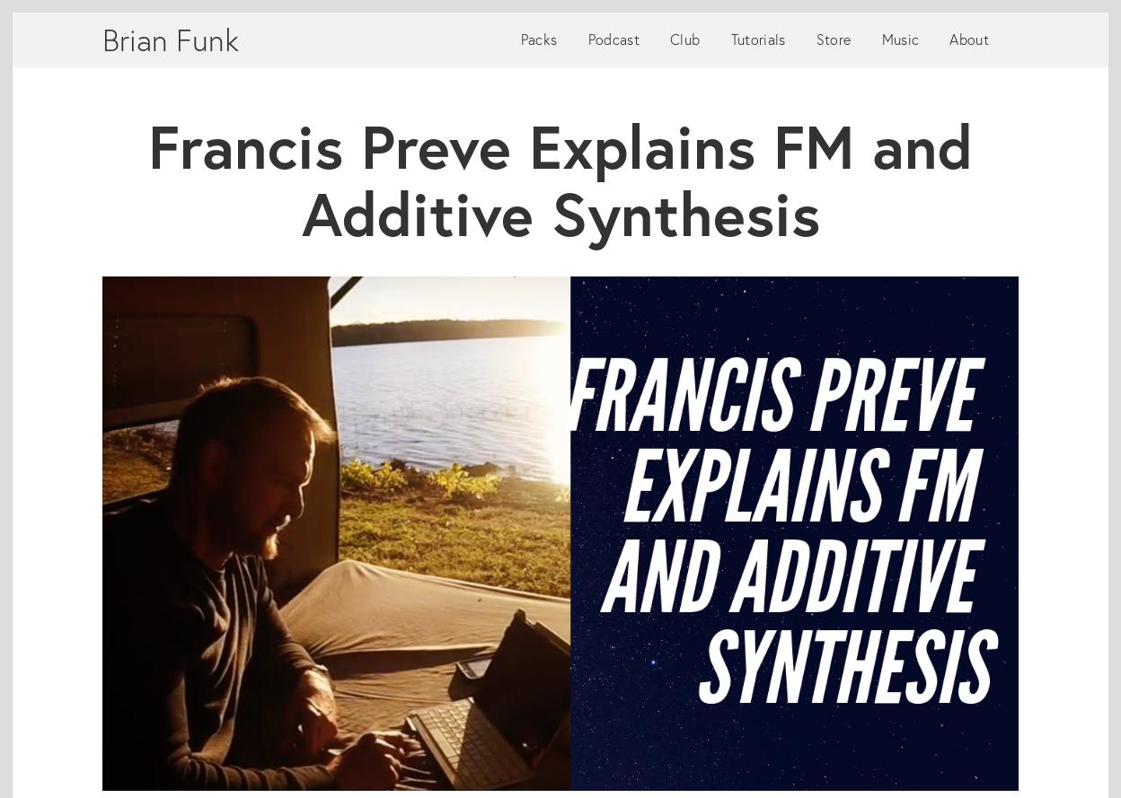 This screenshot has height=798, width=1121. Describe the element at coordinates (537, 39) in the screenshot. I see `'Packs'` at that location.